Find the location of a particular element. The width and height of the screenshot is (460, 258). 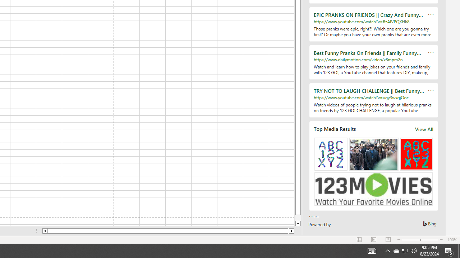

'Normal' is located at coordinates (359, 240).